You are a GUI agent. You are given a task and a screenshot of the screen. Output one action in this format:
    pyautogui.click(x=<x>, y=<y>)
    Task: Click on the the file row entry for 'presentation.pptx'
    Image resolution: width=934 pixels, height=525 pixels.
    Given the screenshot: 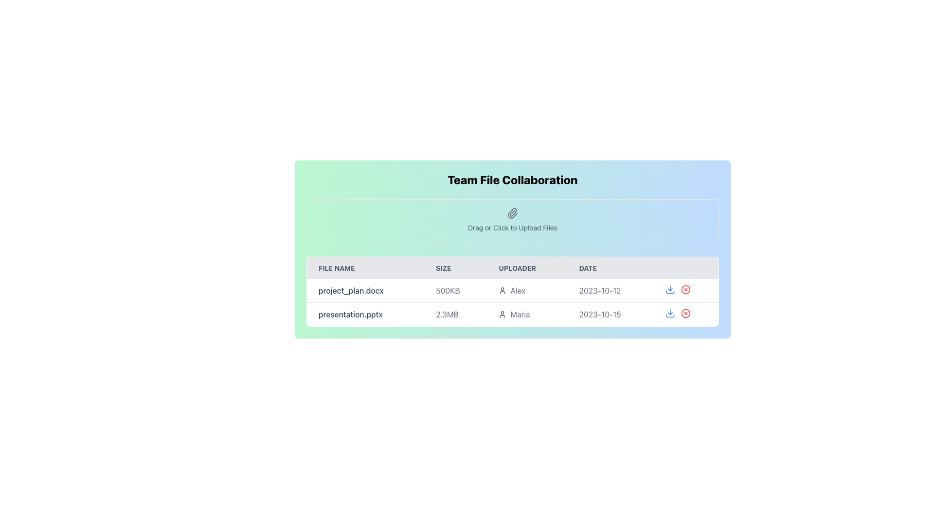 What is the action you would take?
    pyautogui.click(x=512, y=315)
    